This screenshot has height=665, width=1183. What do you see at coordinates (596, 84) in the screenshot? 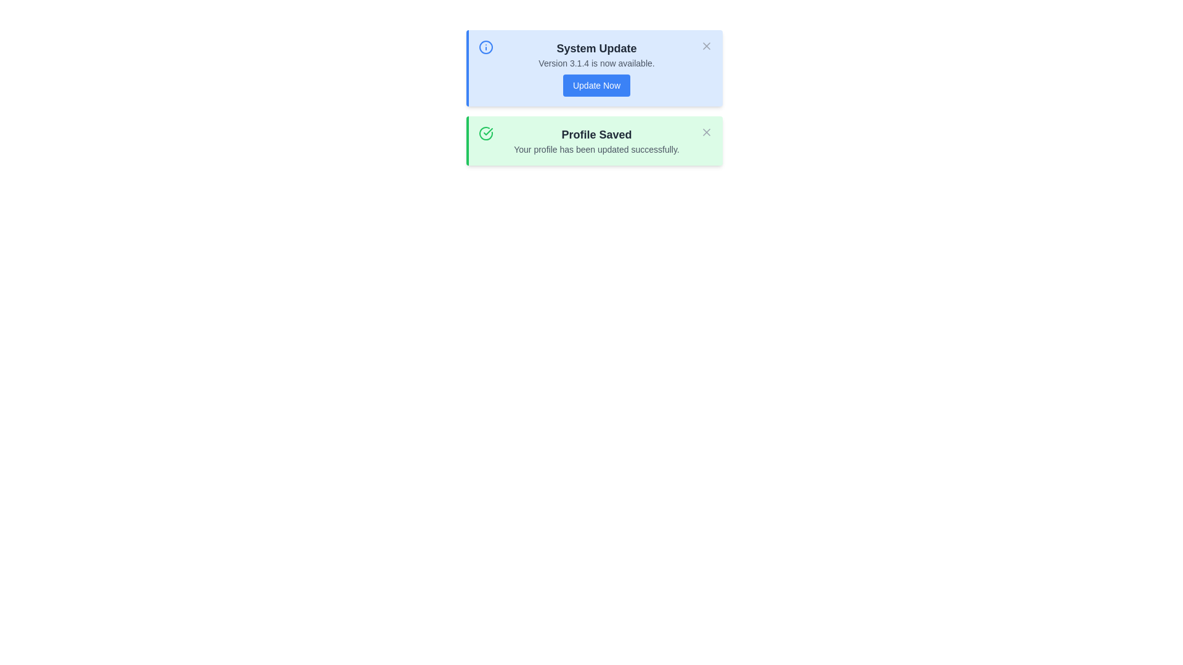
I see `the 'Update Now' button with a blue background and white text located in the 'System Update' notification card` at bounding box center [596, 84].